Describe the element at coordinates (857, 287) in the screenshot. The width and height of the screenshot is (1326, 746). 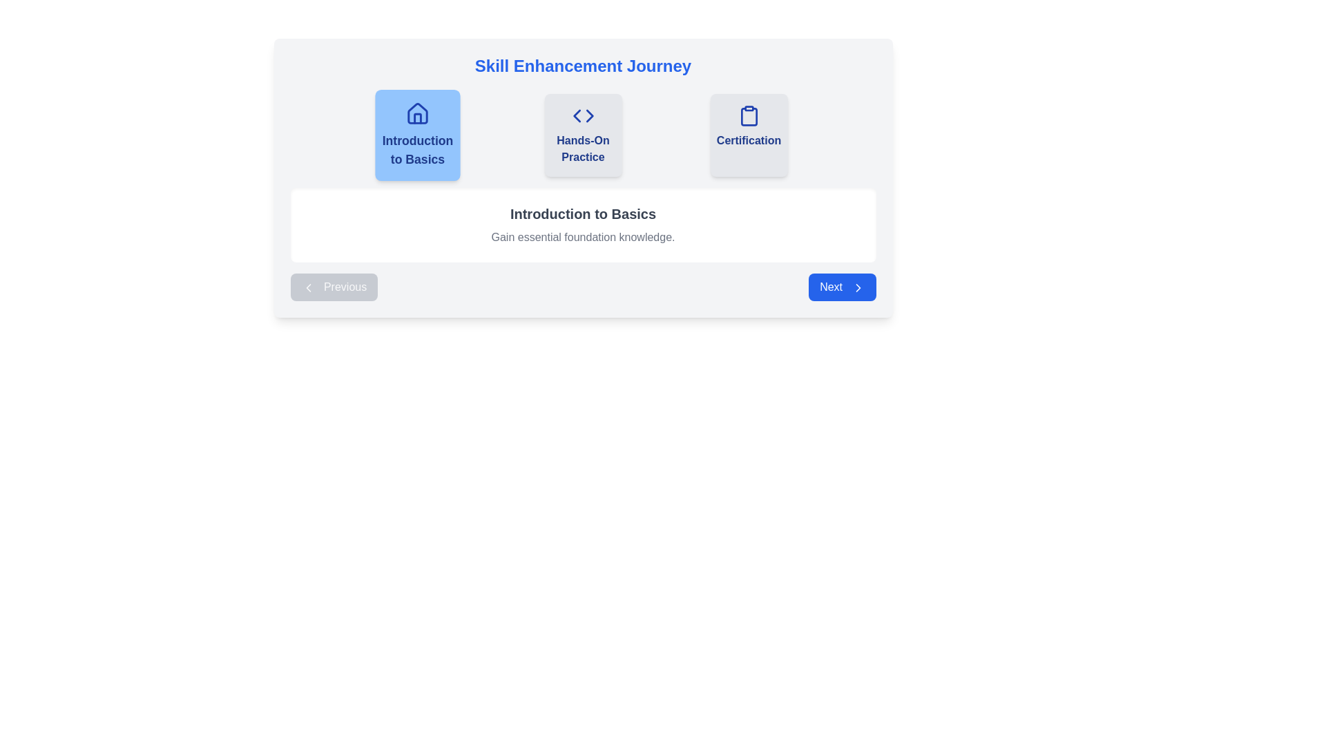
I see `the chevron-shaped arrow icon located on the right side of the 'Next' button to interact with the button` at that location.